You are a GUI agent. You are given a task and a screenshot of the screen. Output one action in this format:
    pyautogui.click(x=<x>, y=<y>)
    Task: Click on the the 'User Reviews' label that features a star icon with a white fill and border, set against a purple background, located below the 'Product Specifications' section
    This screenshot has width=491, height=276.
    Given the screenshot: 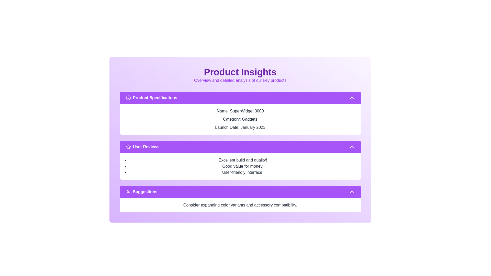 What is the action you would take?
    pyautogui.click(x=142, y=147)
    